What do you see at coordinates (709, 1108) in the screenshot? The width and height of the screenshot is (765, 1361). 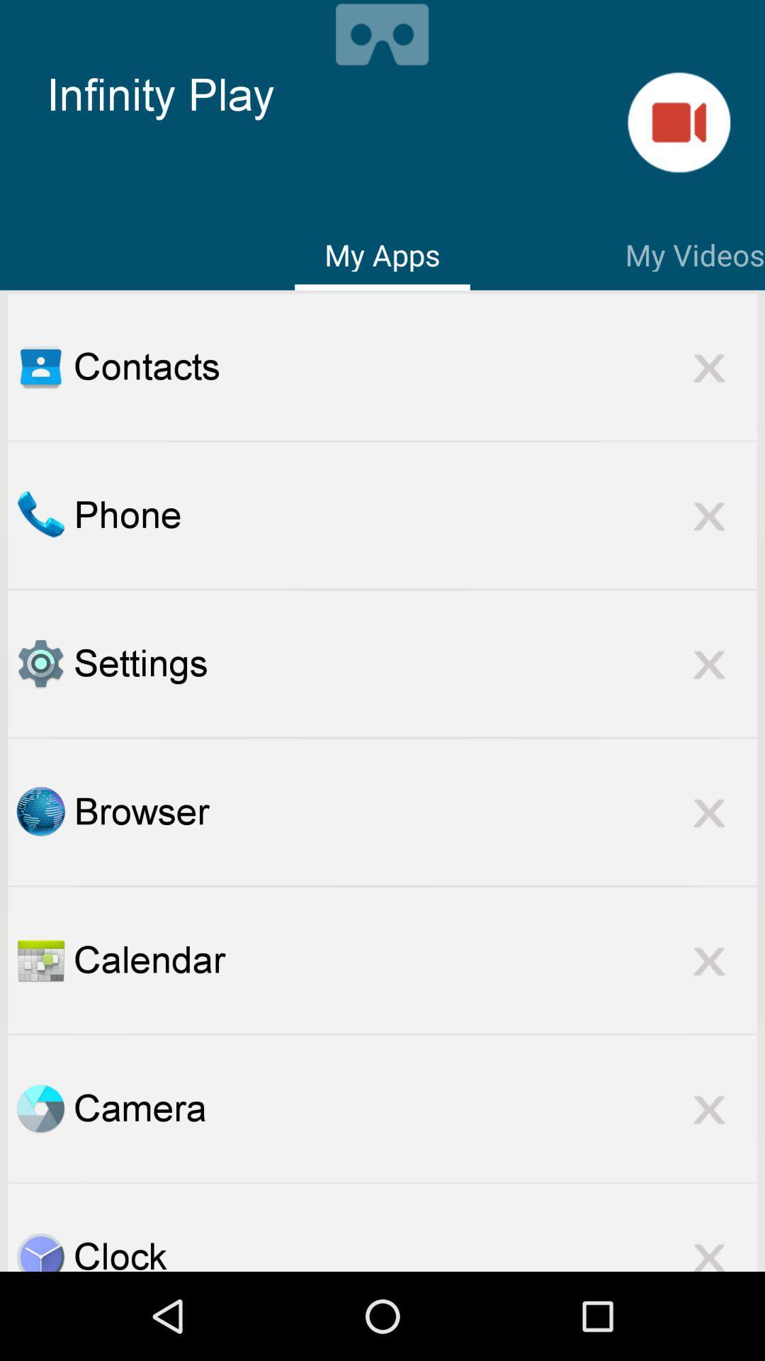 I see `closes app` at bounding box center [709, 1108].